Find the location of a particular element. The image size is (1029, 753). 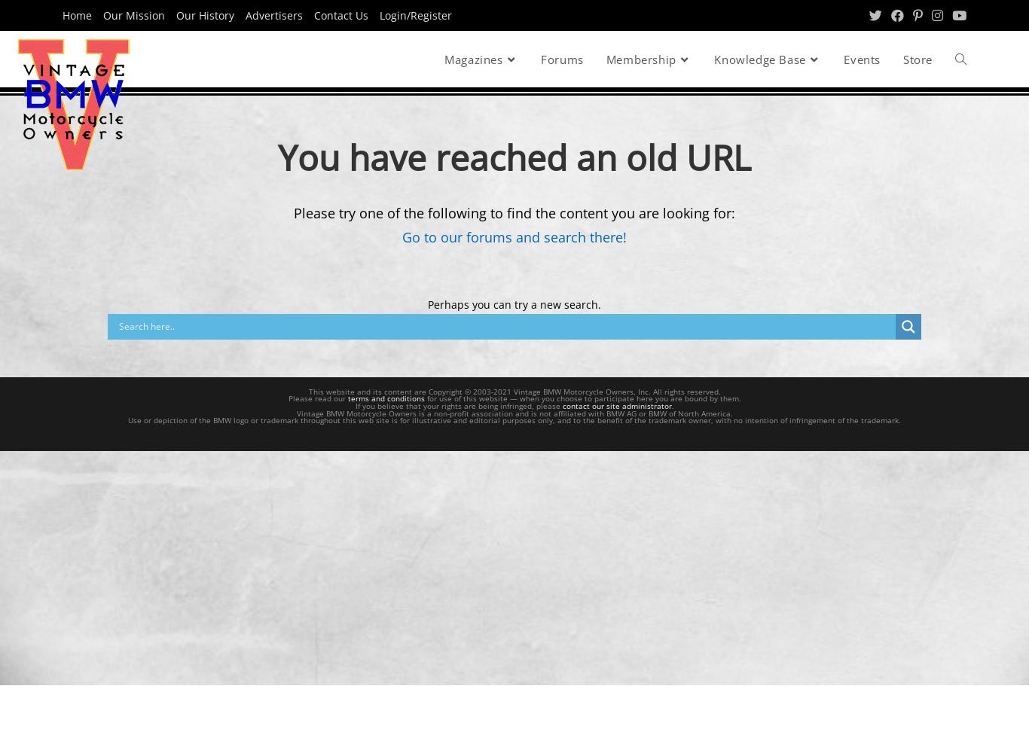

'for use of this website — when you choose to participate here you are bound by them.' is located at coordinates (582, 398).